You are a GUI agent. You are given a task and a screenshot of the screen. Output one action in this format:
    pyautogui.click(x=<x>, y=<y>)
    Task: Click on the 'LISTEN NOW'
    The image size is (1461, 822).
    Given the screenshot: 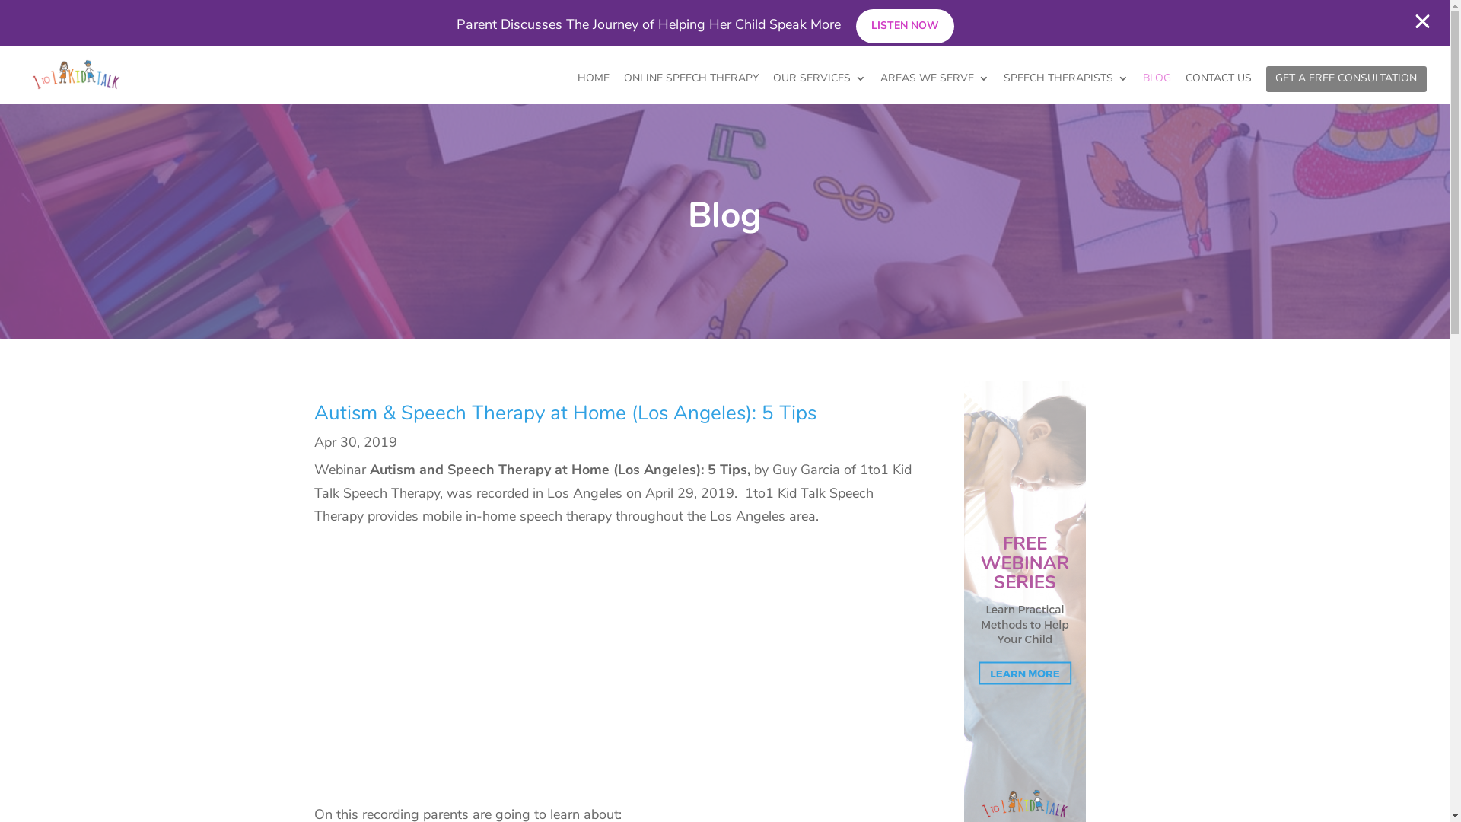 What is the action you would take?
    pyautogui.click(x=904, y=26)
    